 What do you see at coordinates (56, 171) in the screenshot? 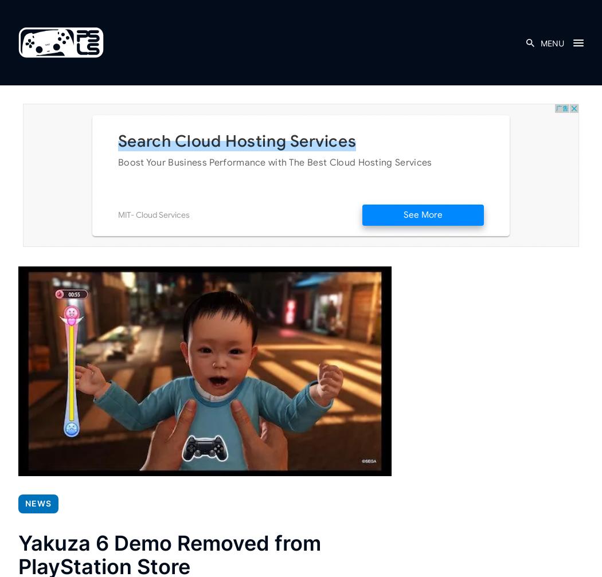
I see `'Related'` at bounding box center [56, 171].